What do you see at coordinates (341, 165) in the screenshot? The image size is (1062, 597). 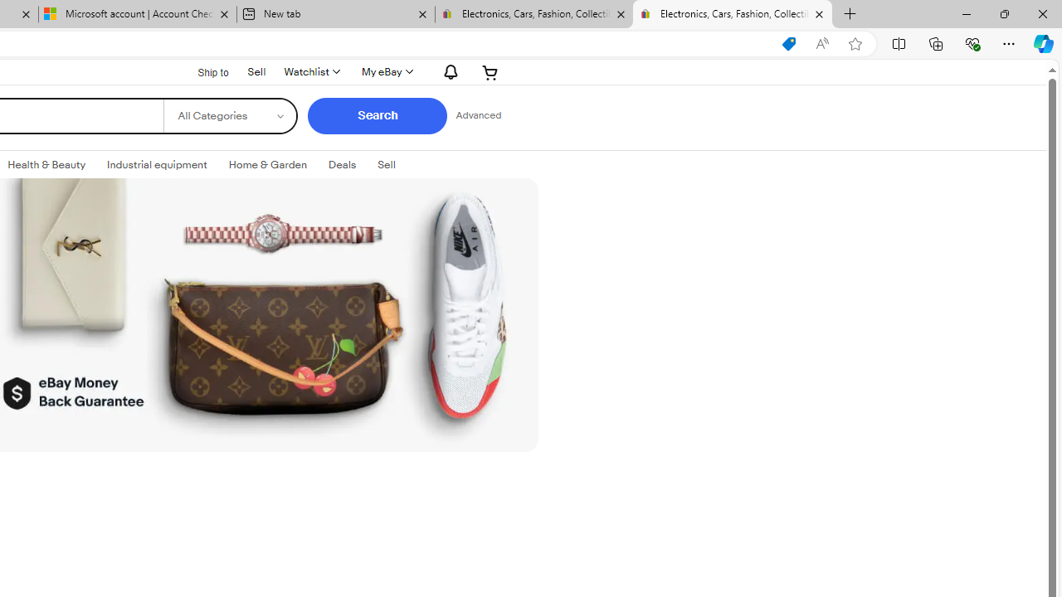 I see `'Deals'` at bounding box center [341, 165].